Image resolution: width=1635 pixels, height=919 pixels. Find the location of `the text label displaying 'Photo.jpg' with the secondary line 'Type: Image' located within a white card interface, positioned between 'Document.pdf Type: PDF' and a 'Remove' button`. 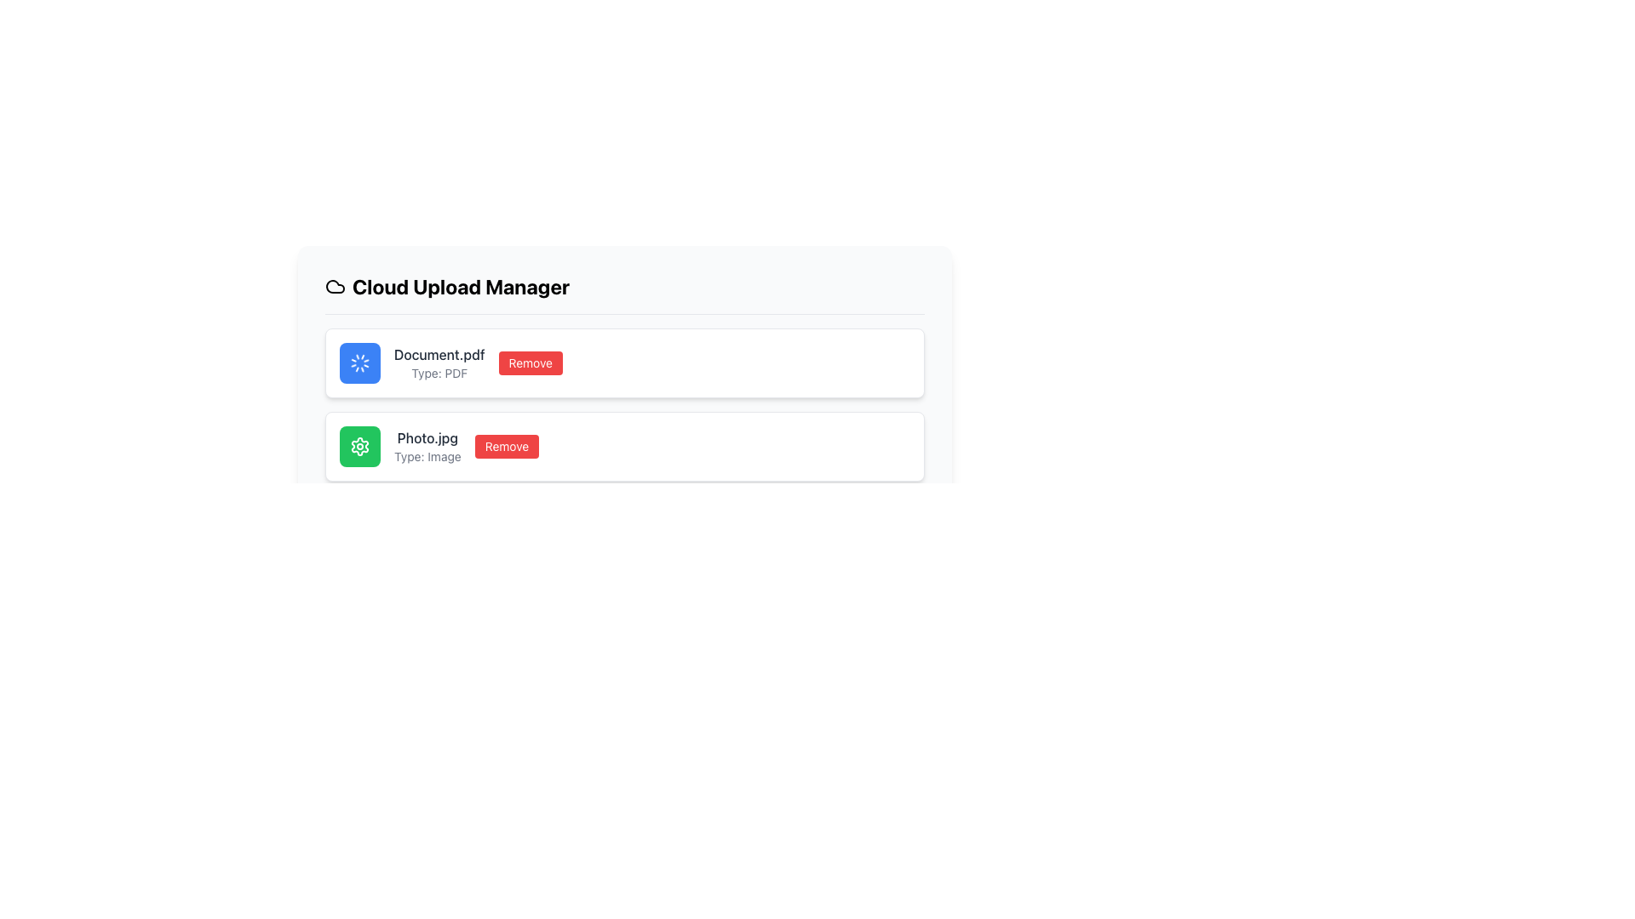

the text label displaying 'Photo.jpg' with the secondary line 'Type: Image' located within a white card interface, positioned between 'Document.pdf Type: PDF' and a 'Remove' button is located at coordinates (427, 445).